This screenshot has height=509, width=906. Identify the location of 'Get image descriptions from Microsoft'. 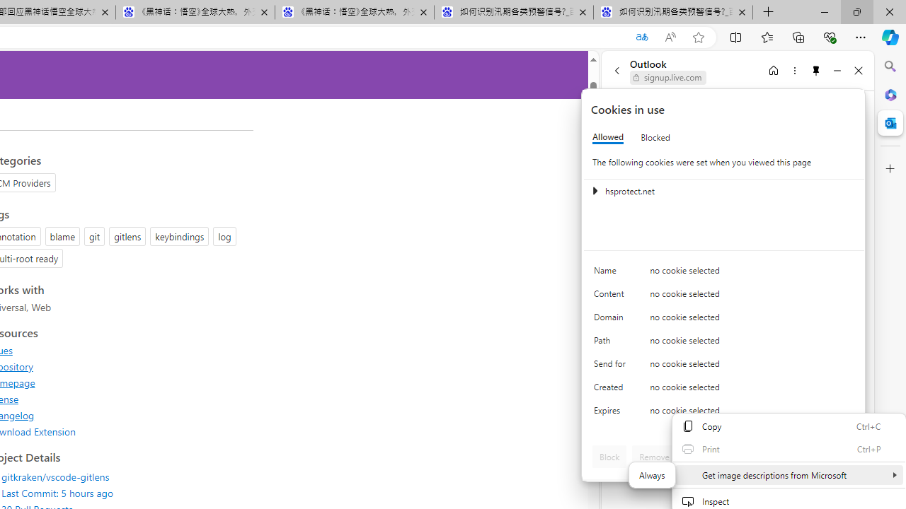
(788, 475).